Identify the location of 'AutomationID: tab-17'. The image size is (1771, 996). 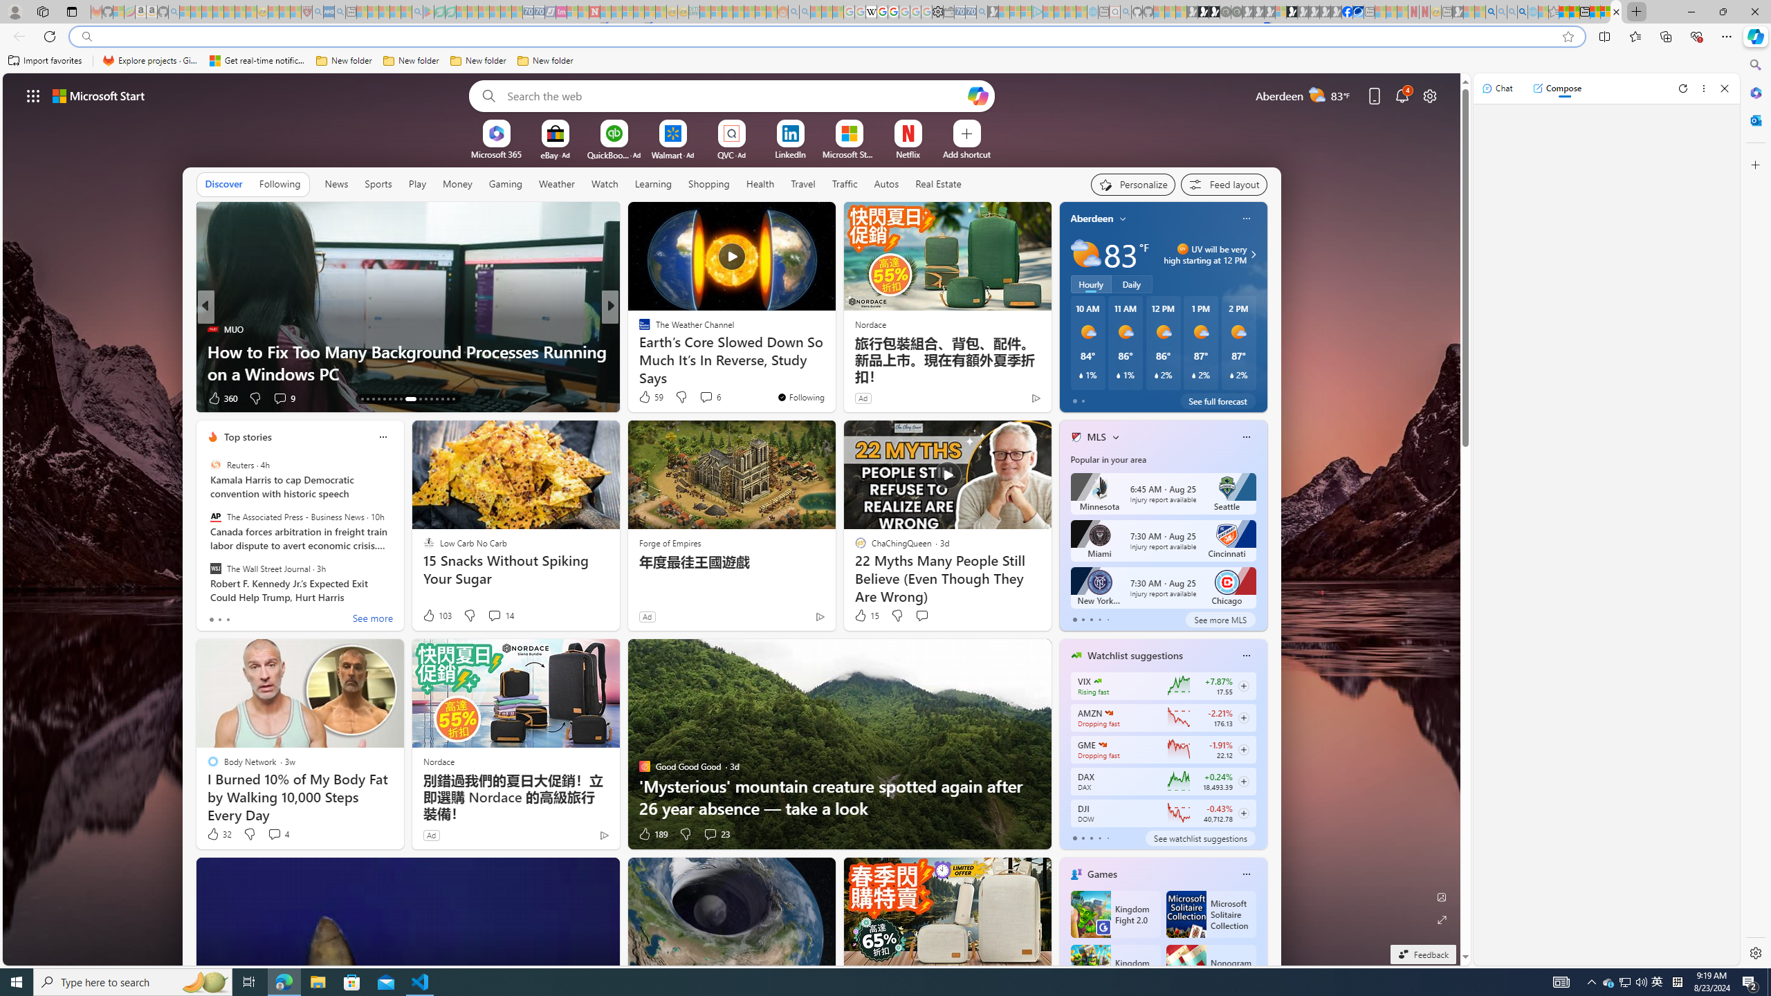
(383, 399).